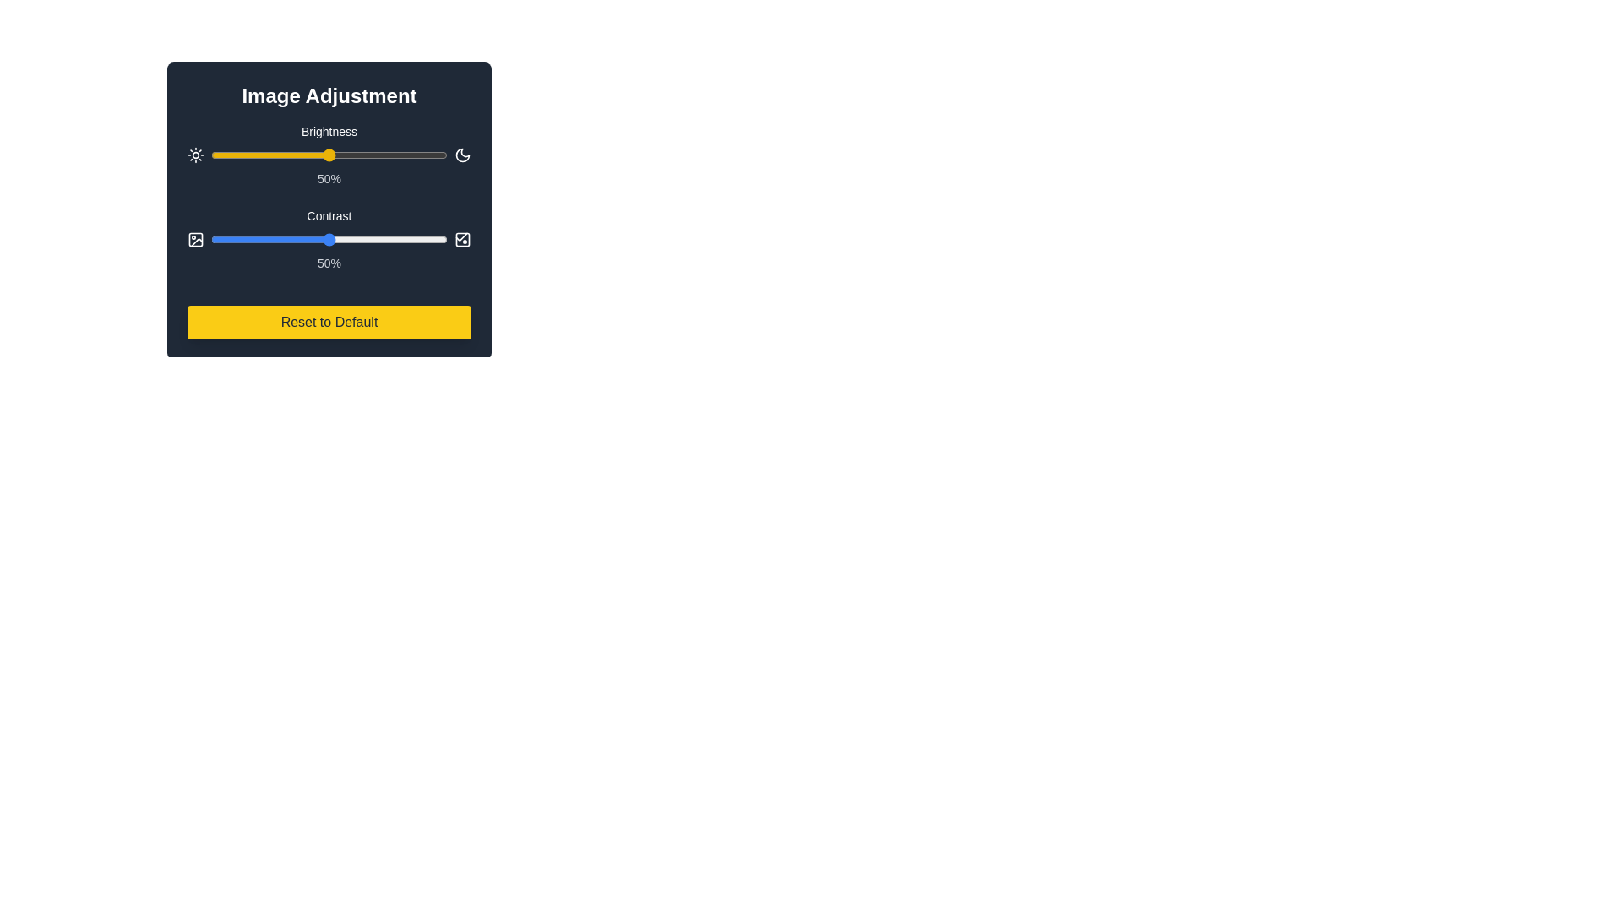 The image size is (1622, 912). I want to click on brightness, so click(264, 155).